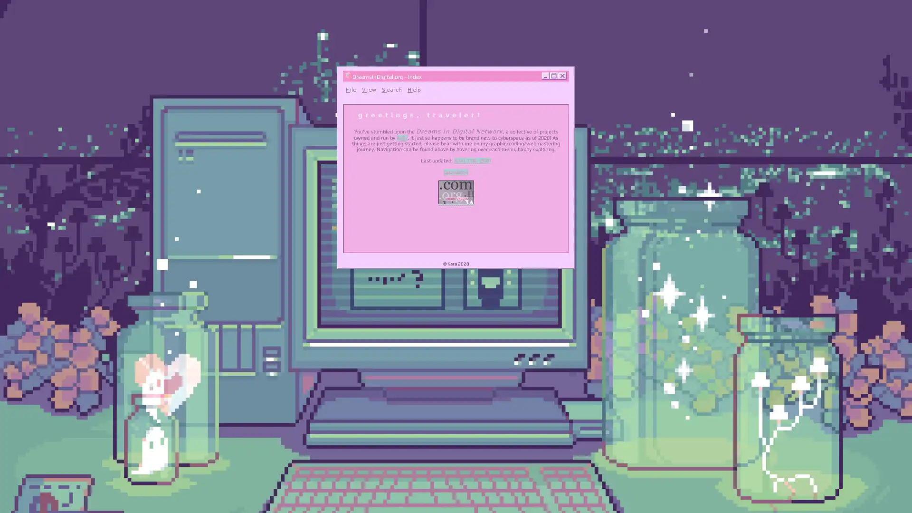  Describe the element at coordinates (351, 90) in the screenshot. I see `File` at that location.